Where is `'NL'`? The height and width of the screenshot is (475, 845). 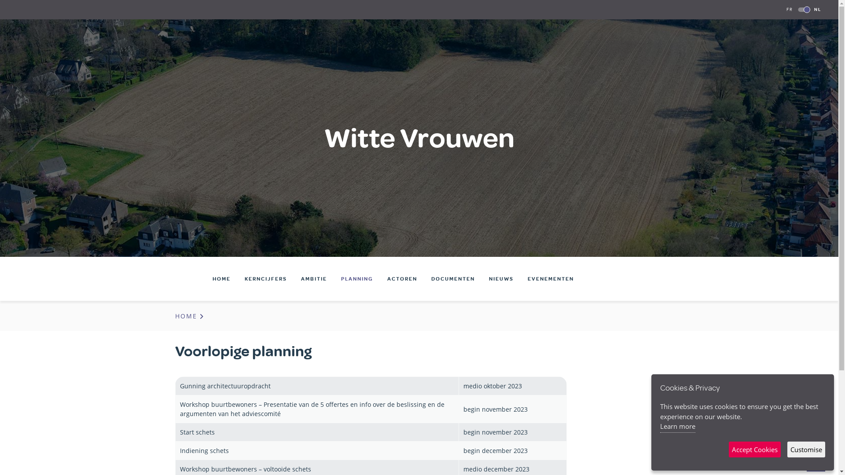 'NL' is located at coordinates (817, 9).